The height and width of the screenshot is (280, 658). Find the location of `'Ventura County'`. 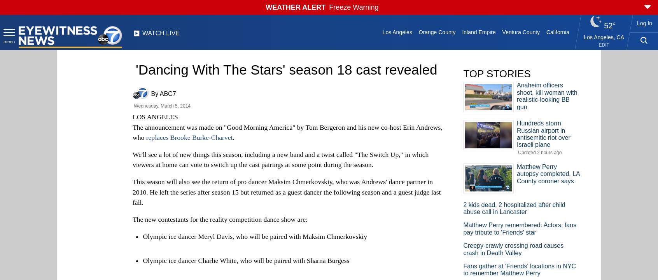

'Ventura County' is located at coordinates (520, 31).